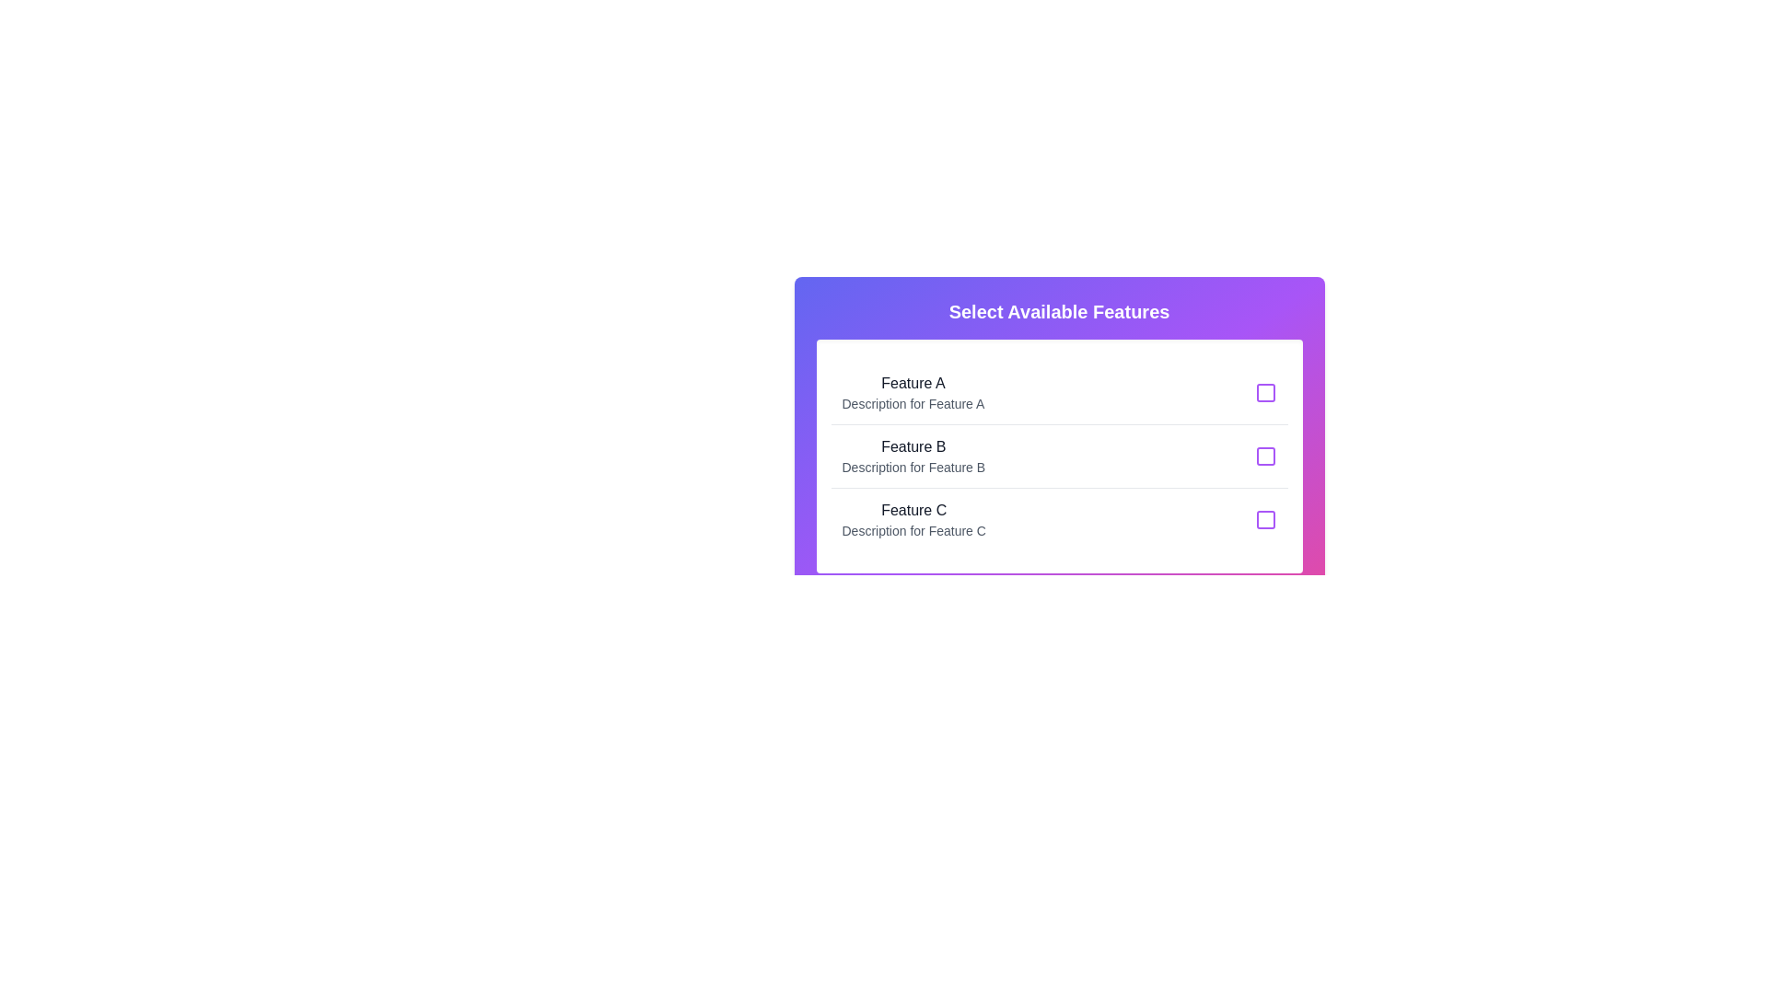 Image resolution: width=1768 pixels, height=994 pixels. What do you see at coordinates (1264, 519) in the screenshot?
I see `the third checkbox control, which has a faint purple interior color` at bounding box center [1264, 519].